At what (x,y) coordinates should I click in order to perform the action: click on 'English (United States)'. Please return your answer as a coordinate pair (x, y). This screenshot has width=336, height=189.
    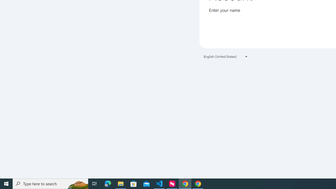
    Looking at the image, I should click on (226, 56).